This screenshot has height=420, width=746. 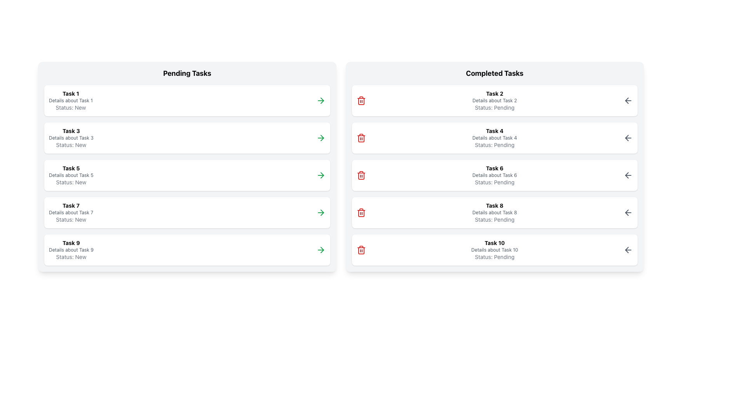 What do you see at coordinates (494, 175) in the screenshot?
I see `the text element reading 'Details about Task 6', which is styled with a small gray font and positioned below the 'Task 6' bold header in the third task card of the 'Completed Tasks' column` at bounding box center [494, 175].